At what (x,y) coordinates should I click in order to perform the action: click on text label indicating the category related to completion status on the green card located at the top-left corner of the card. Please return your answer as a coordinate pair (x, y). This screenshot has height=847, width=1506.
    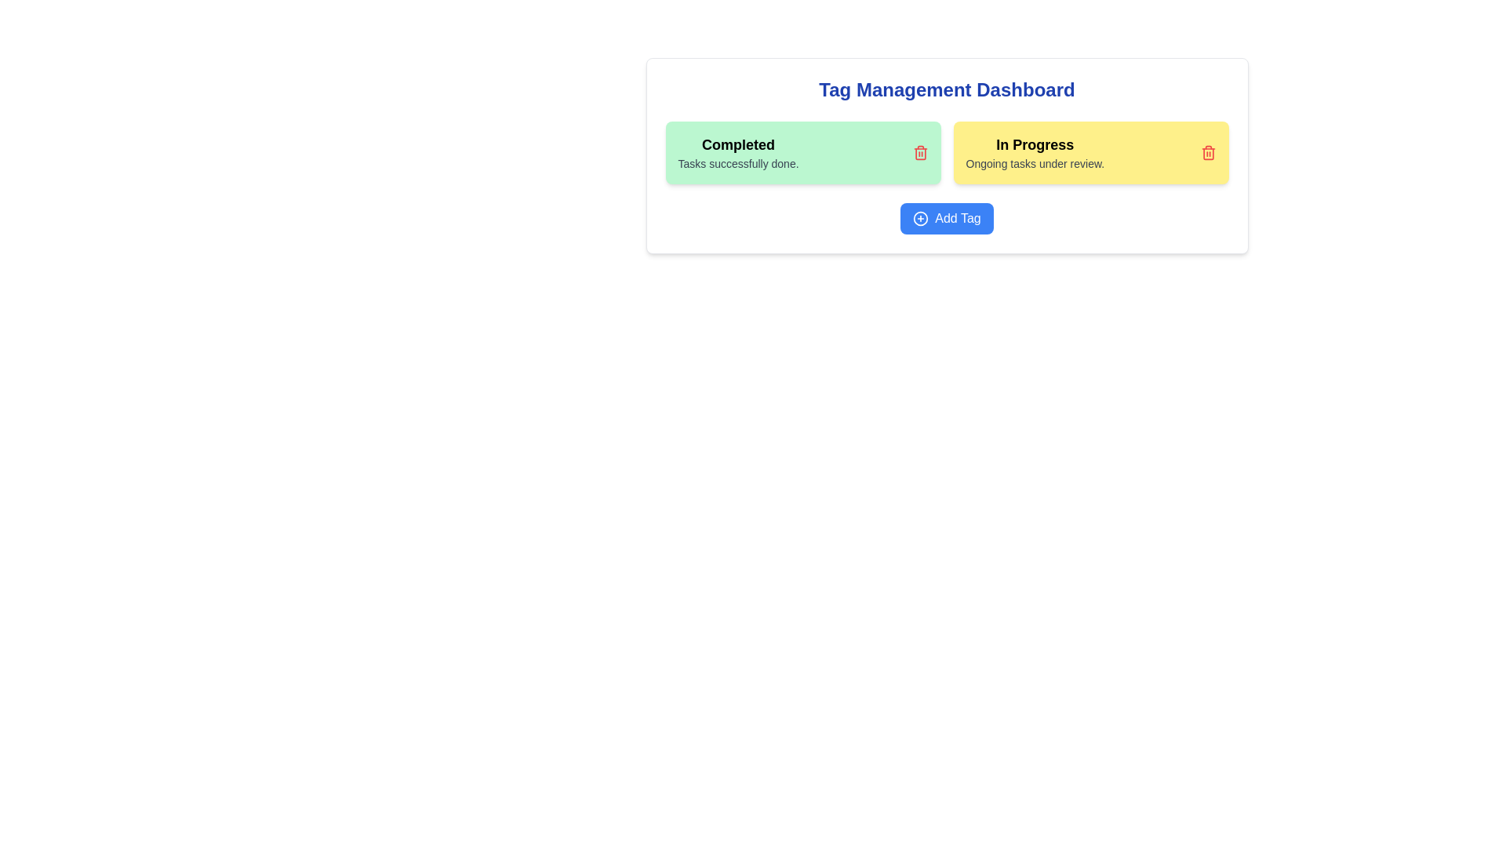
    Looking at the image, I should click on (737, 145).